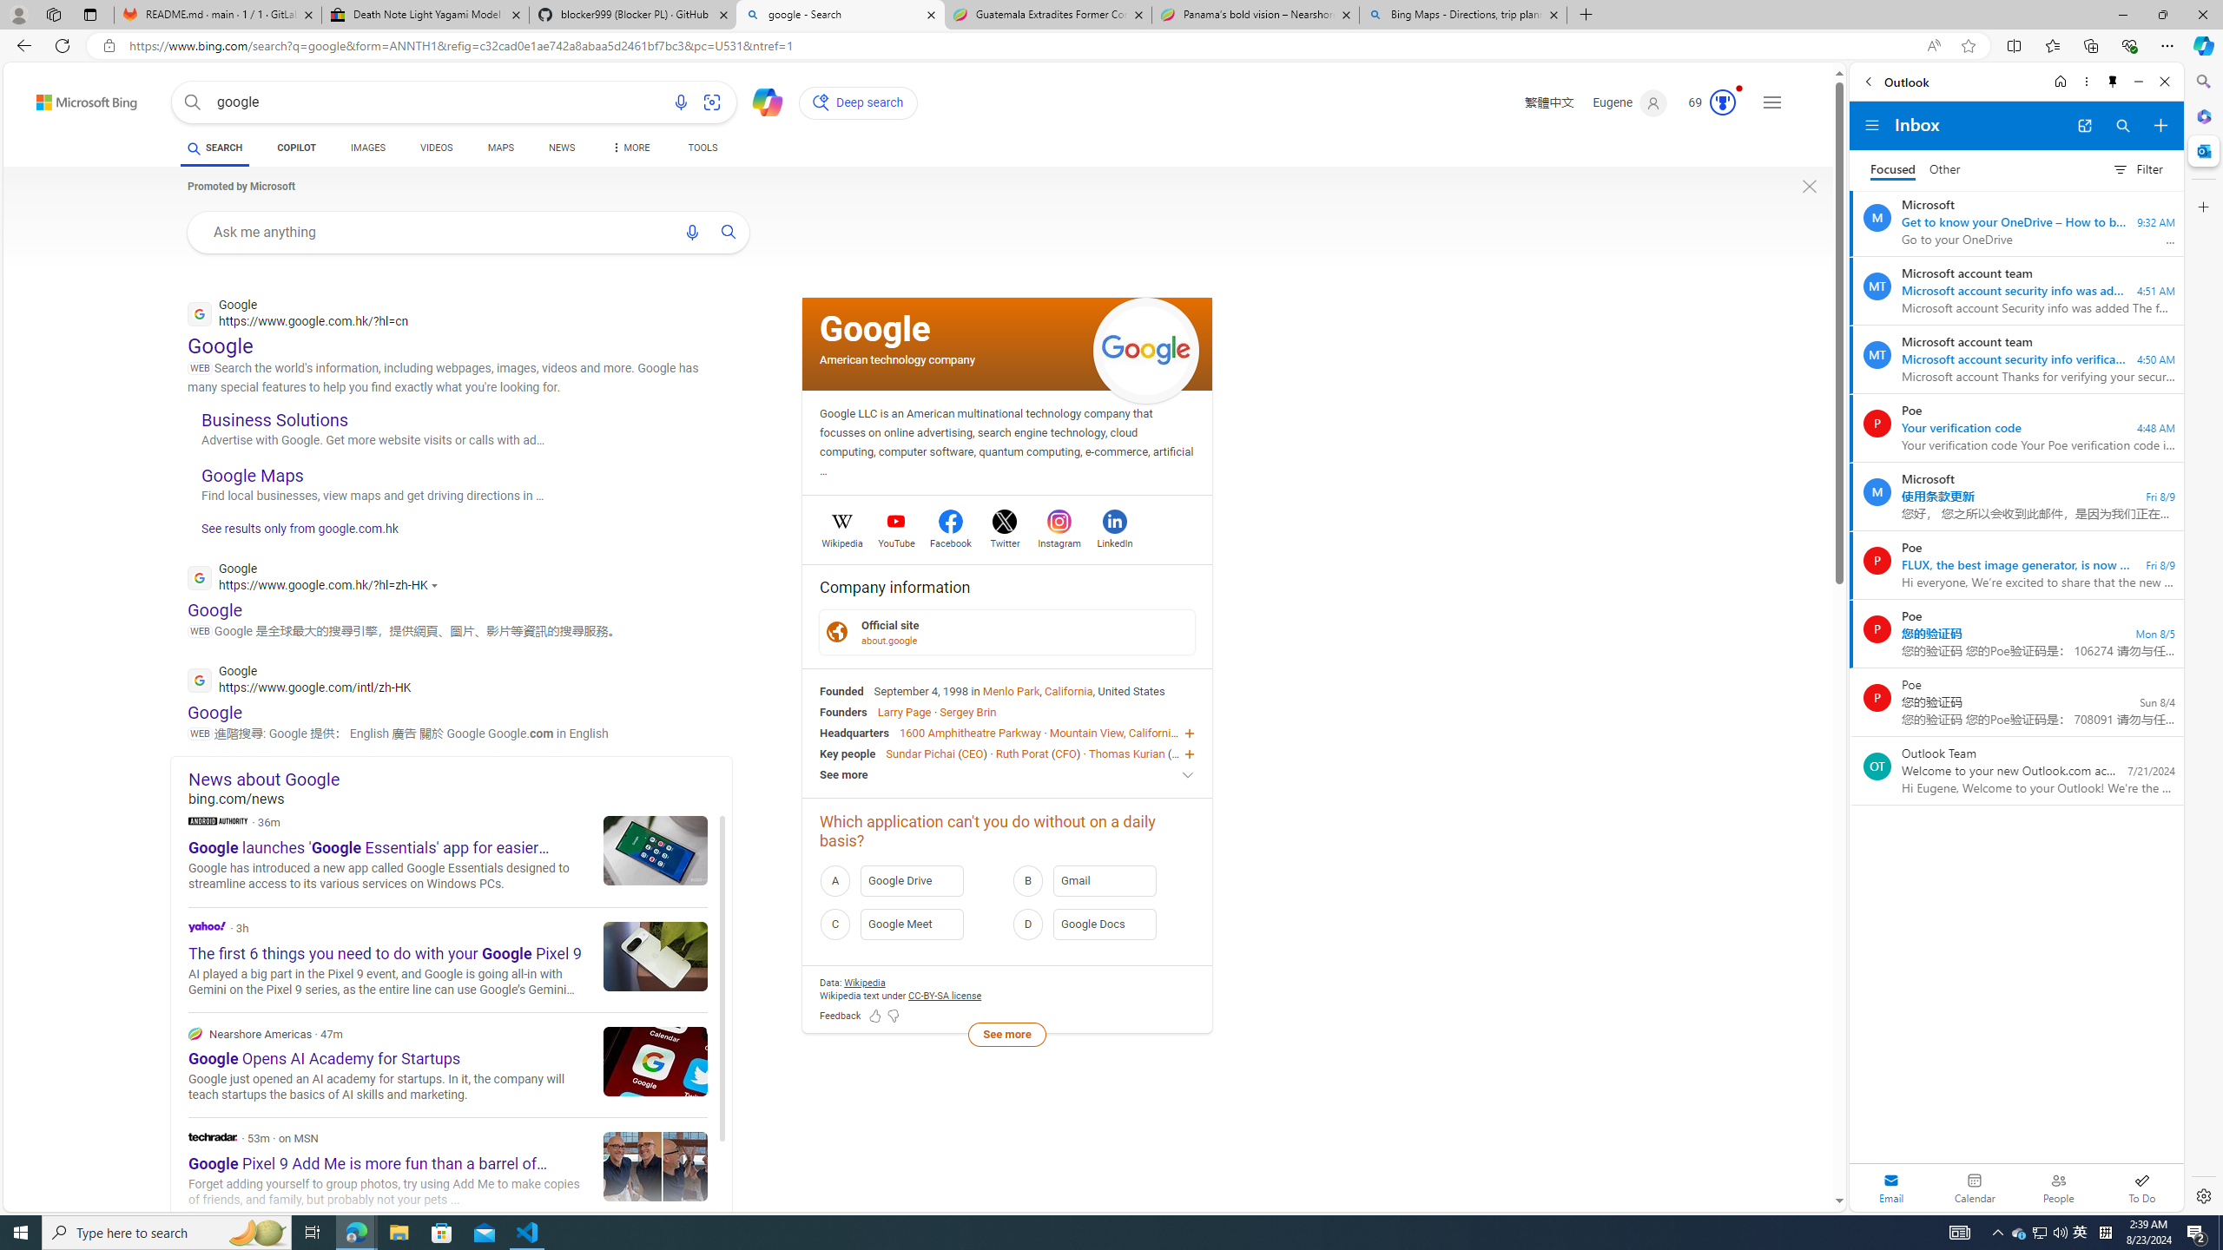 This screenshot has height=1250, width=2223. I want to click on 'Folder navigation', so click(1871, 126).